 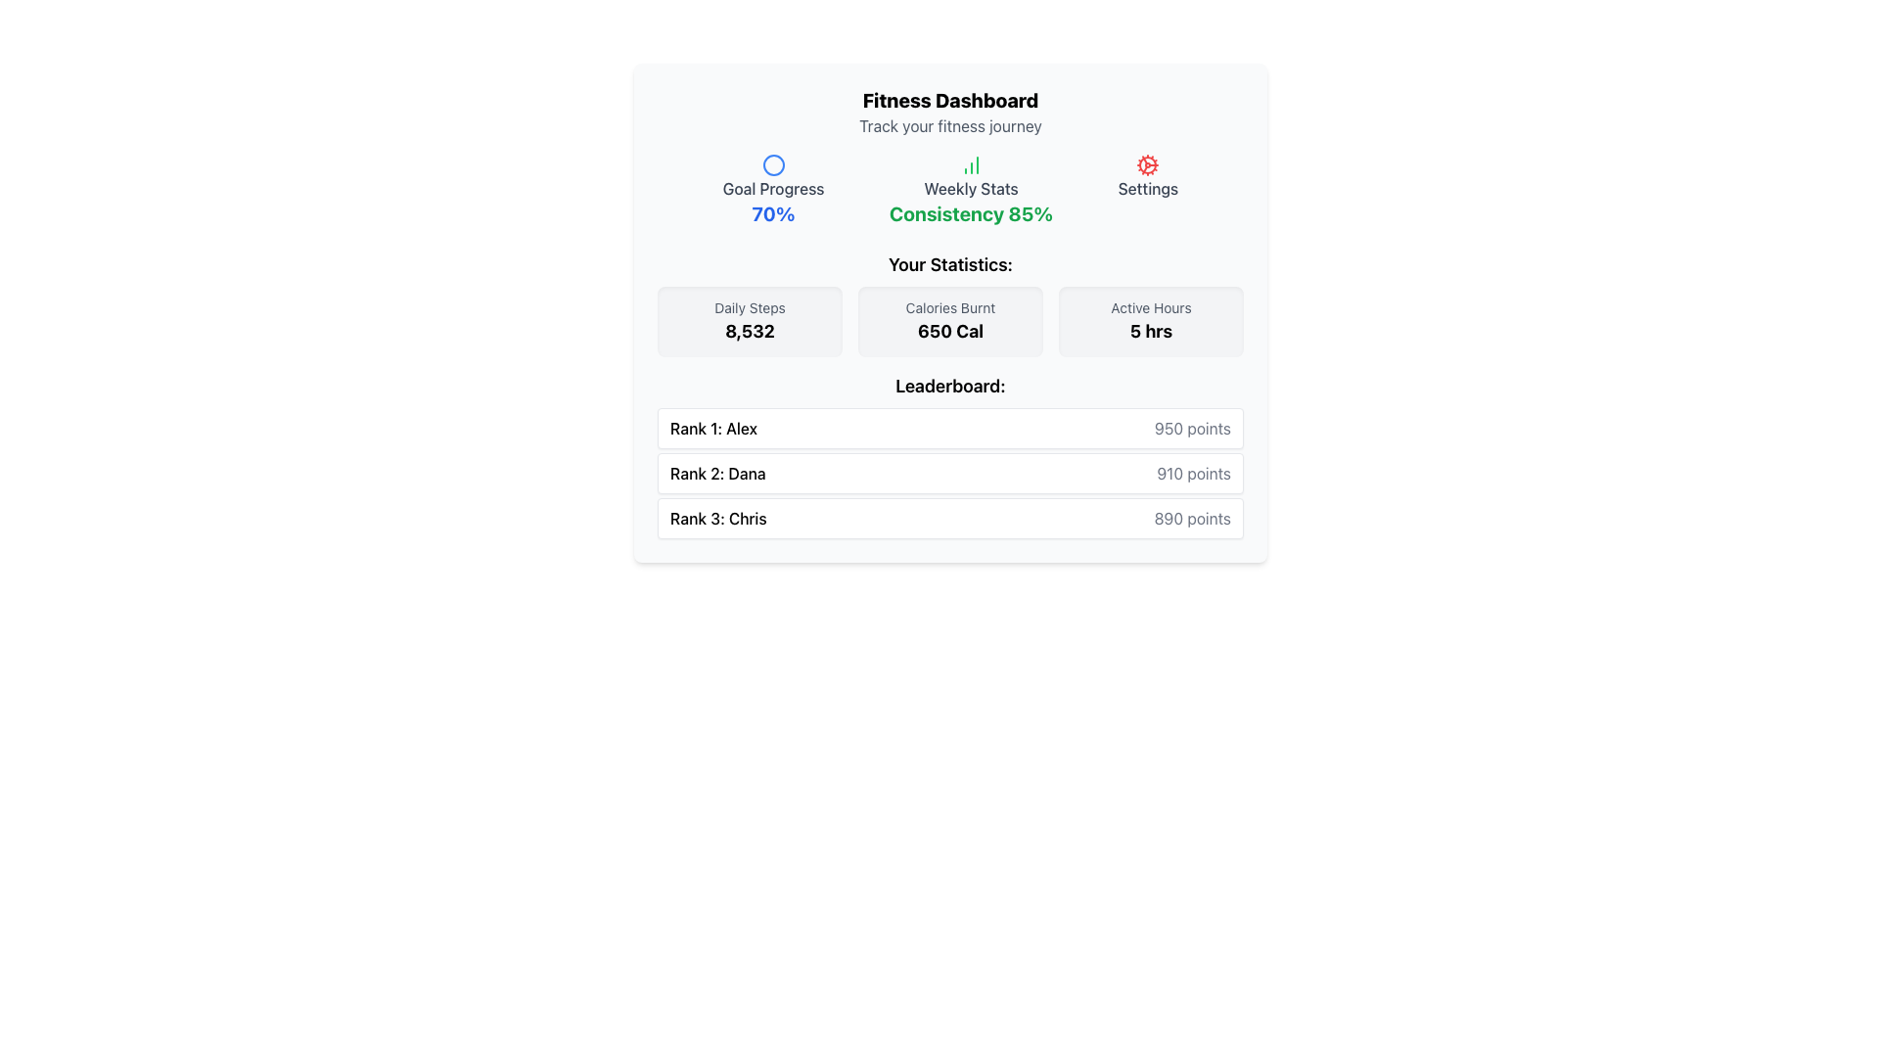 What do you see at coordinates (971, 188) in the screenshot?
I see `the text label displaying 'Weekly Stats' which is styled with a gray font color and positioned between a graph illustration and the text 'Consistency 85%'` at bounding box center [971, 188].